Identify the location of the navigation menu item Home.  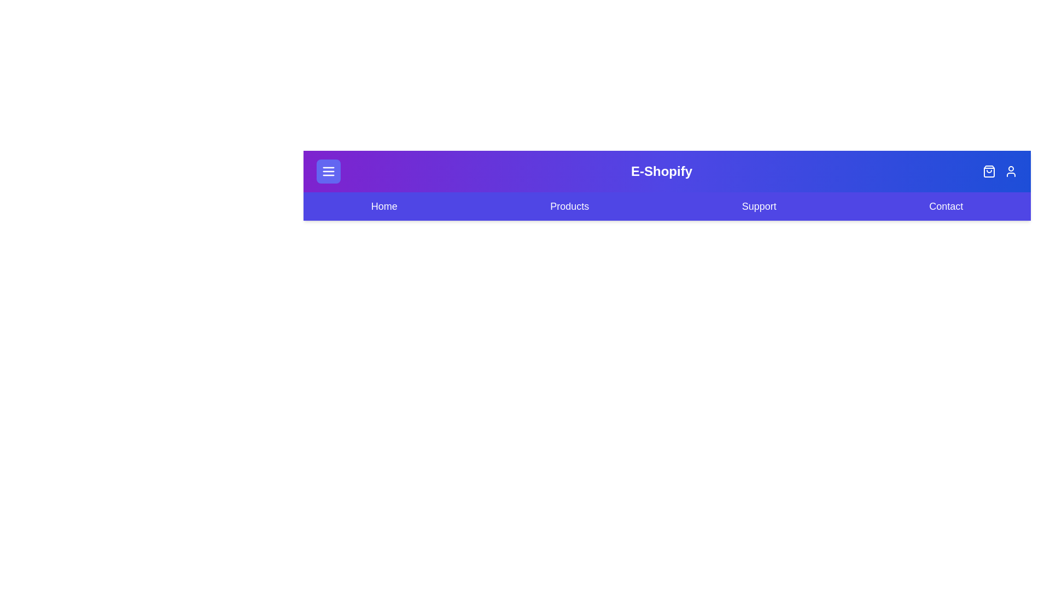
(383, 206).